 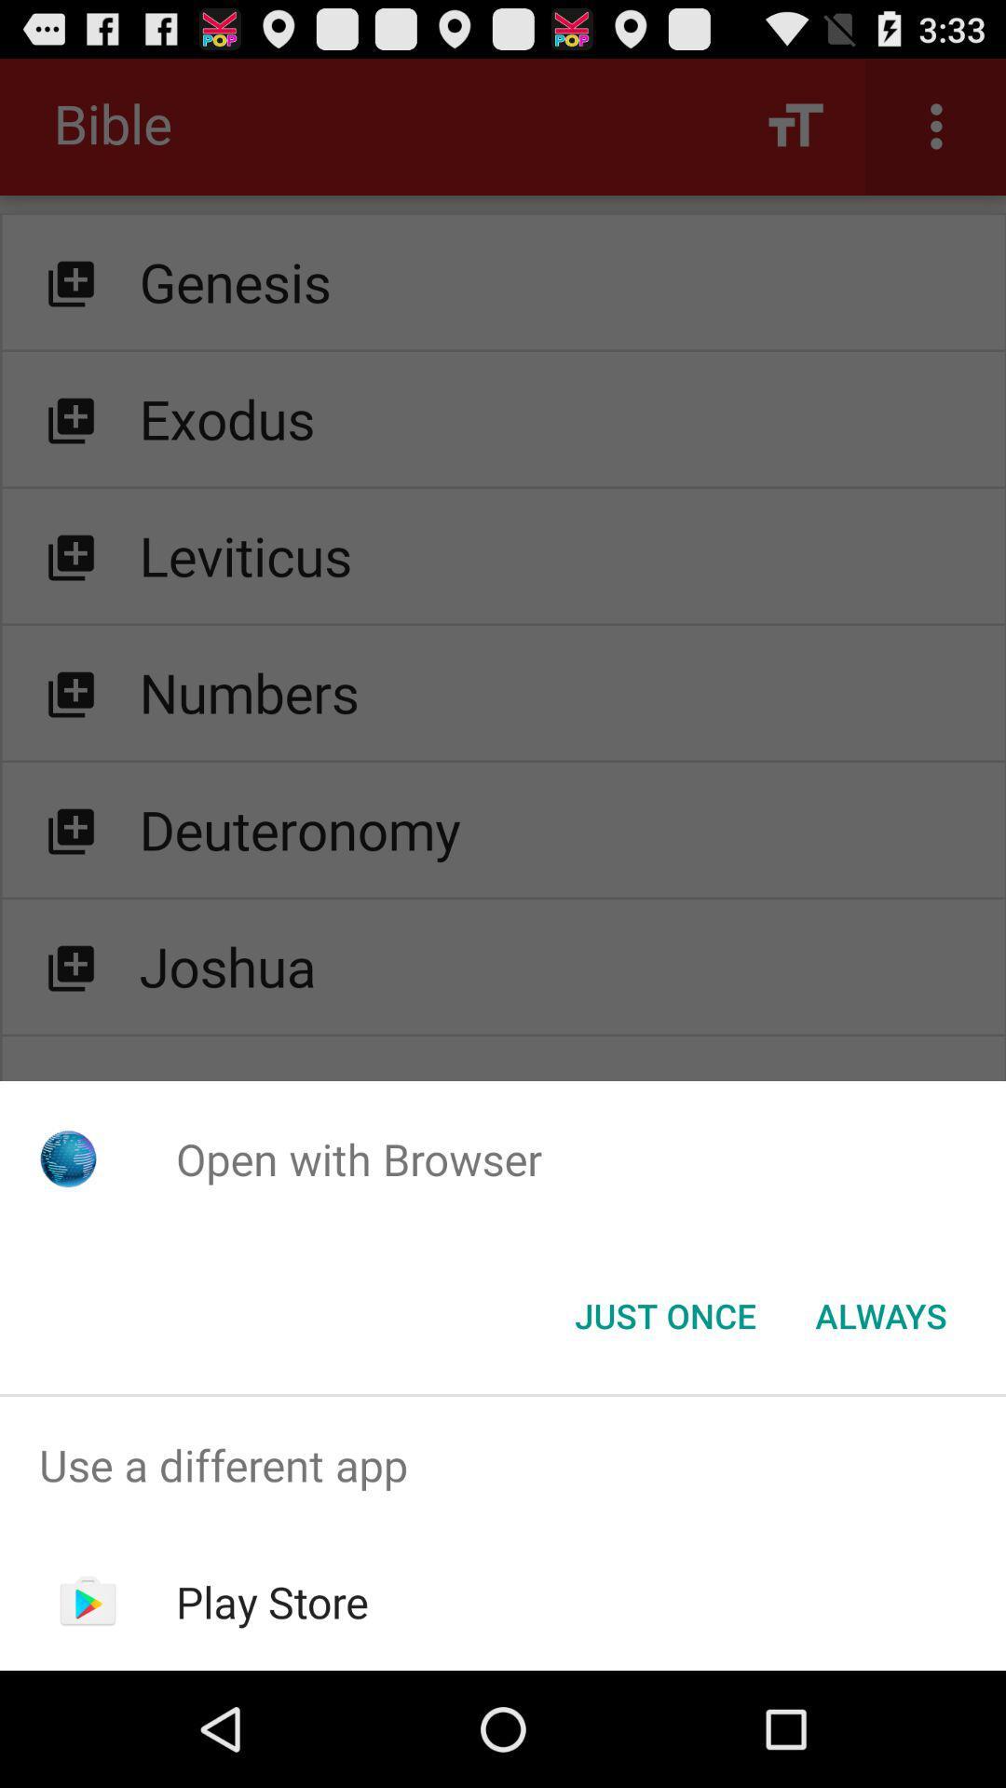 What do you see at coordinates (880, 1314) in the screenshot?
I see `item below open with browser` at bounding box center [880, 1314].